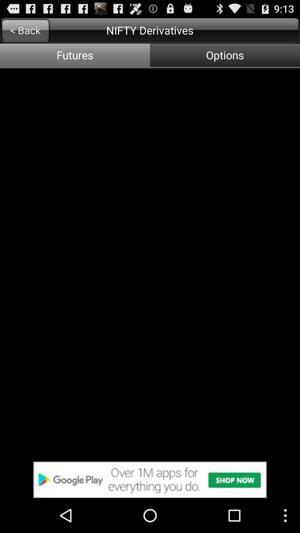  What do you see at coordinates (150, 479) in the screenshot?
I see `advertisement` at bounding box center [150, 479].